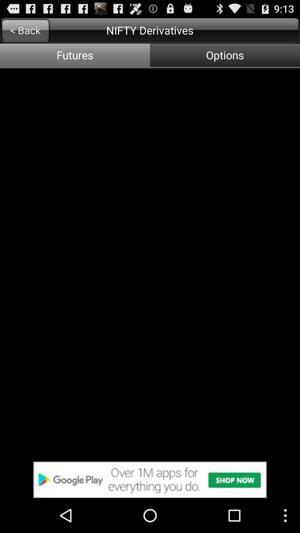  What do you see at coordinates (150, 479) in the screenshot?
I see `advertisement` at bounding box center [150, 479].